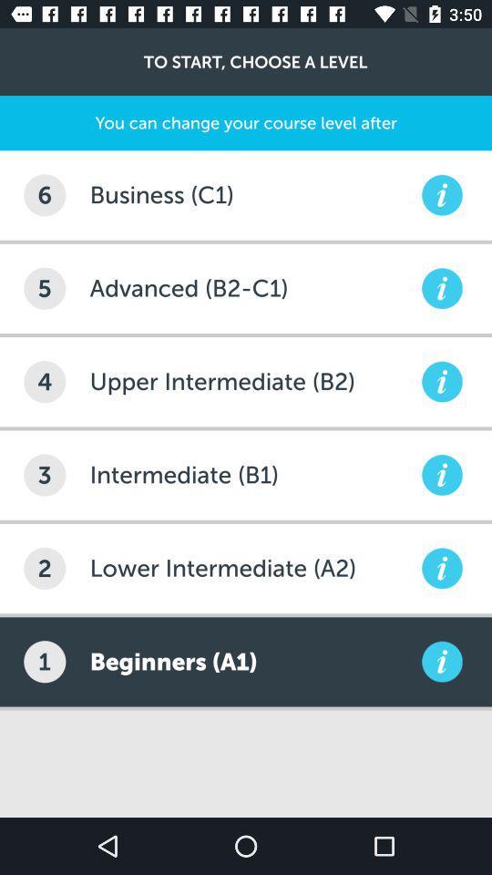  I want to click on item above 1, so click(45, 567).